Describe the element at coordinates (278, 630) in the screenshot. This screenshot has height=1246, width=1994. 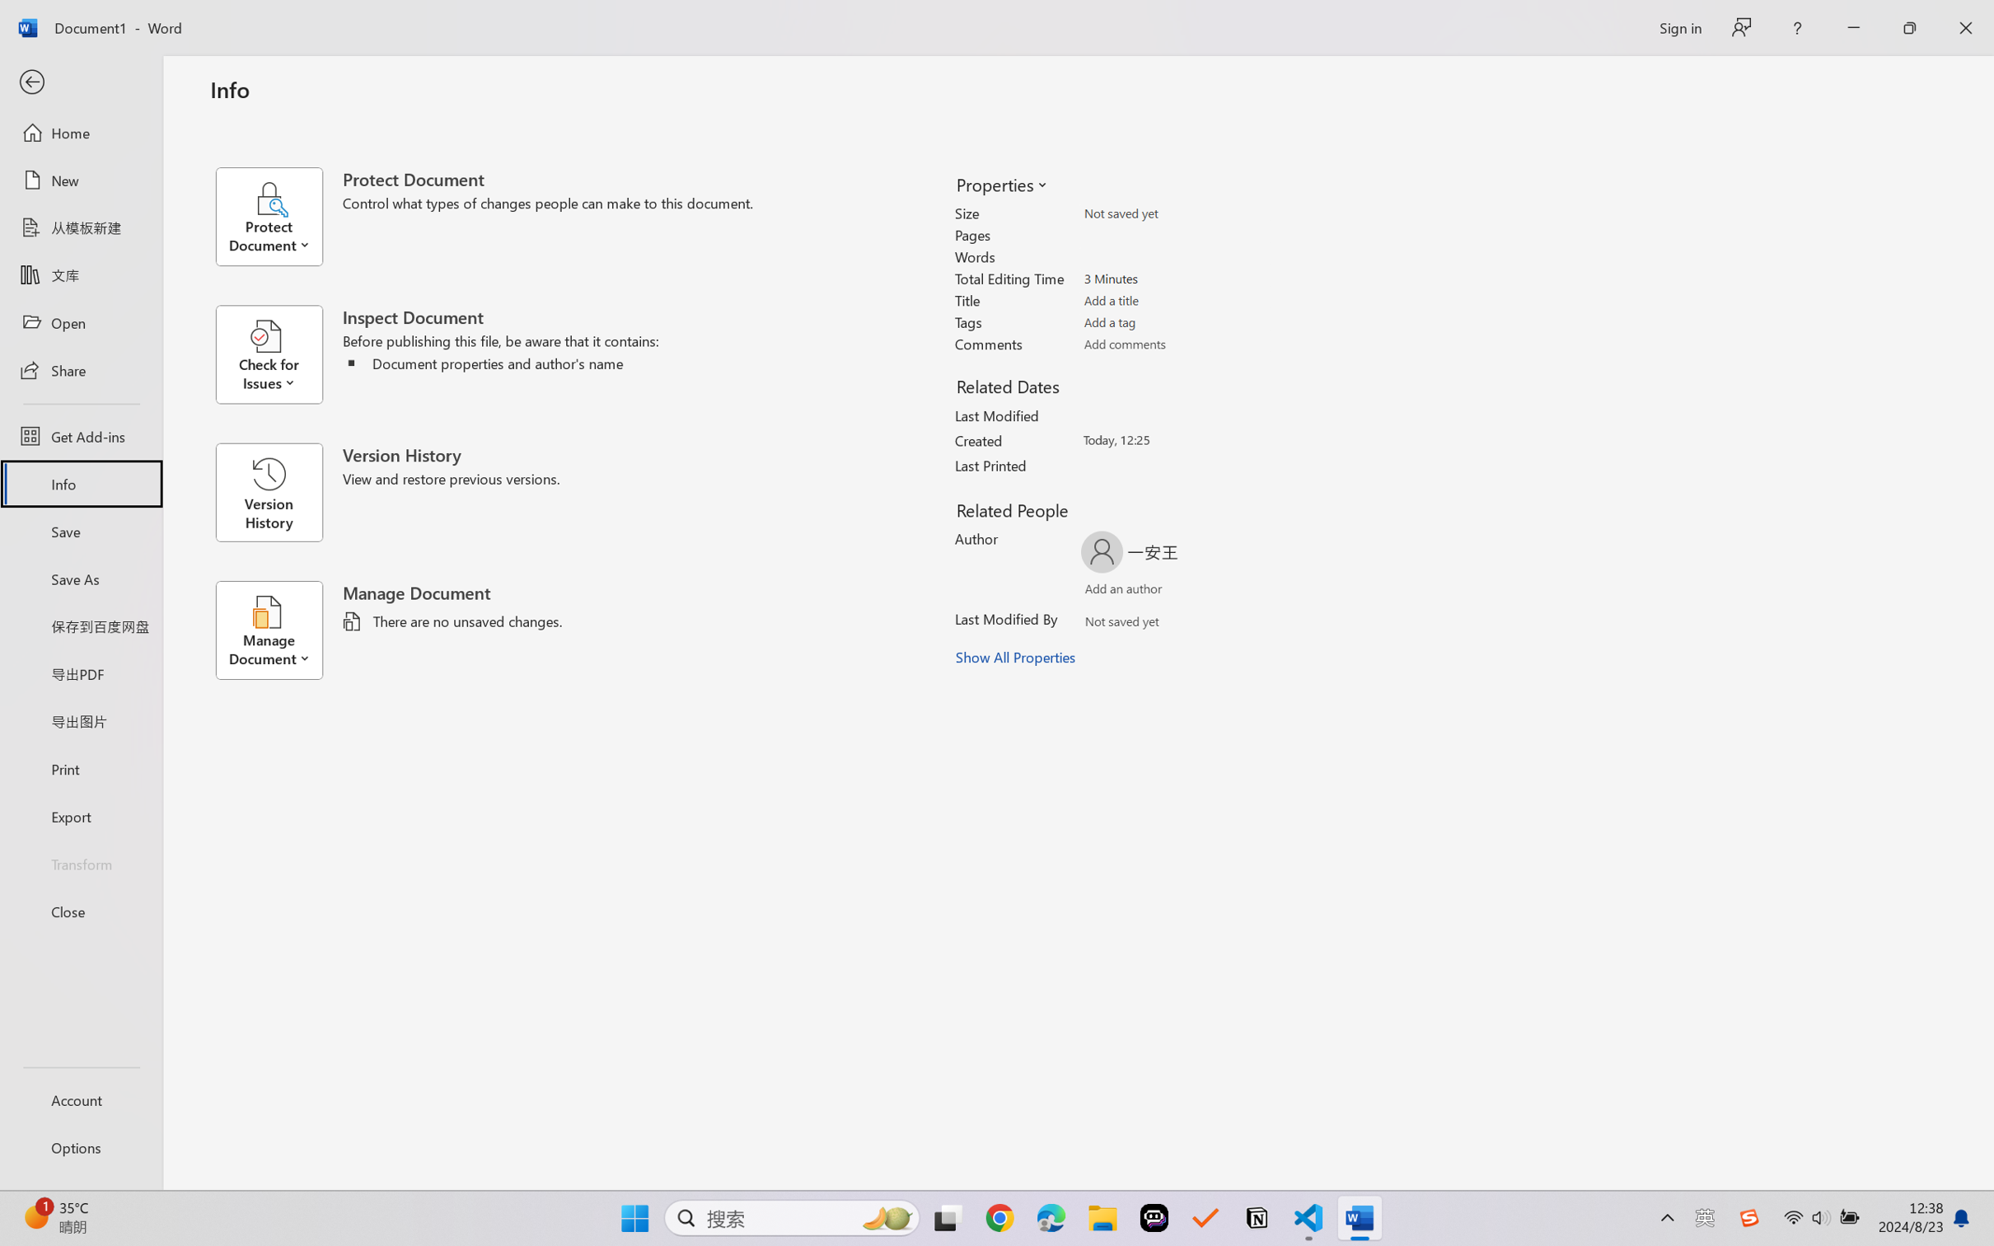
I see `'Manage Document'` at that location.